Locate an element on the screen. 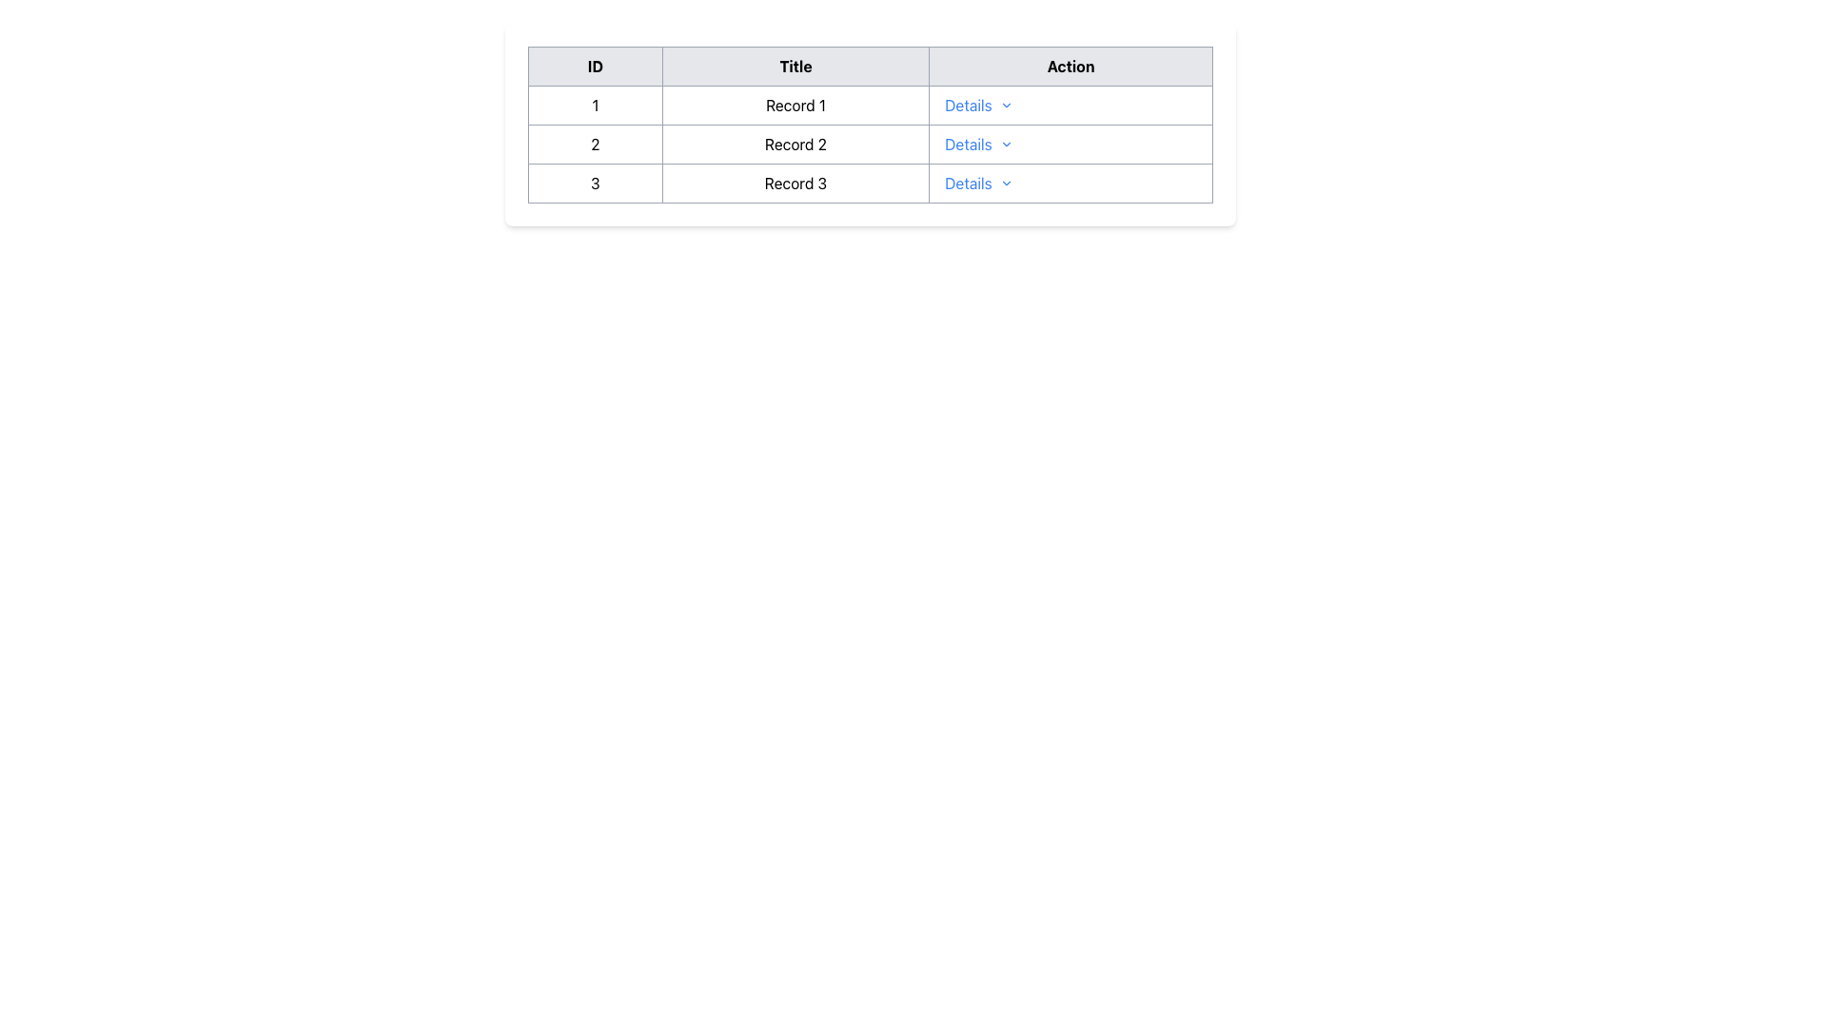 Image resolution: width=1827 pixels, height=1027 pixels. the button in the 'Action' column of the table associated with 'Record 1' is located at coordinates (978, 106).